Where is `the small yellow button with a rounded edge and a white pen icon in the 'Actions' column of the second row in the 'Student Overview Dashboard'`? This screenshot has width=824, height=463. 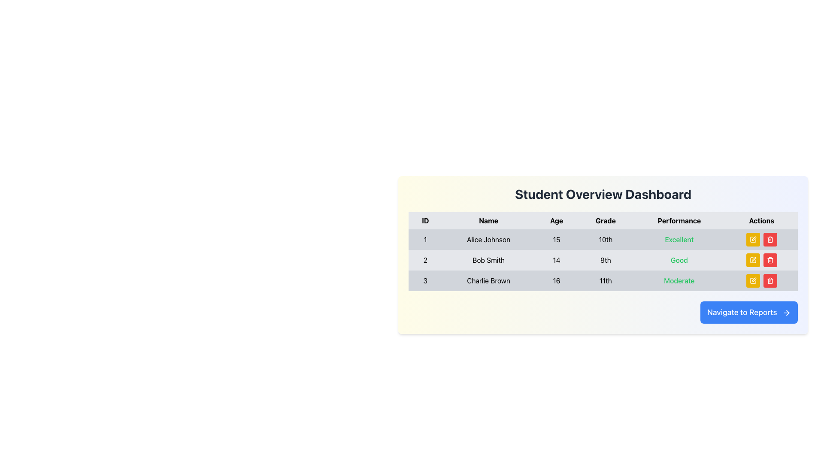
the small yellow button with a rounded edge and a white pen icon in the 'Actions' column of the second row in the 'Student Overview Dashboard' is located at coordinates (752, 259).